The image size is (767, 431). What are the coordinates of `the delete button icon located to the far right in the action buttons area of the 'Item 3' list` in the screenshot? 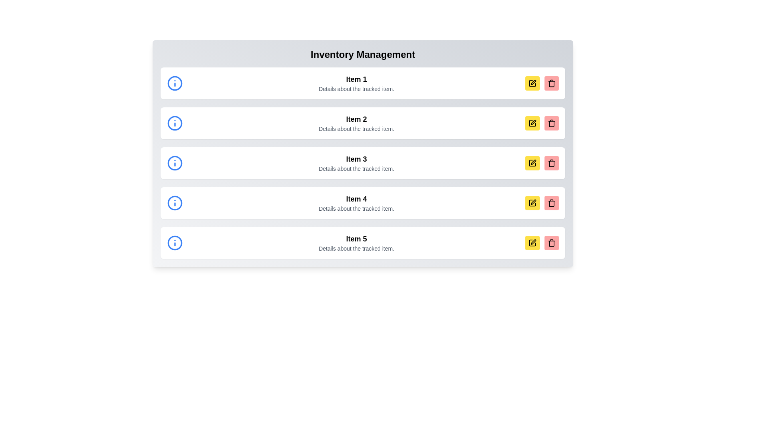 It's located at (551, 162).